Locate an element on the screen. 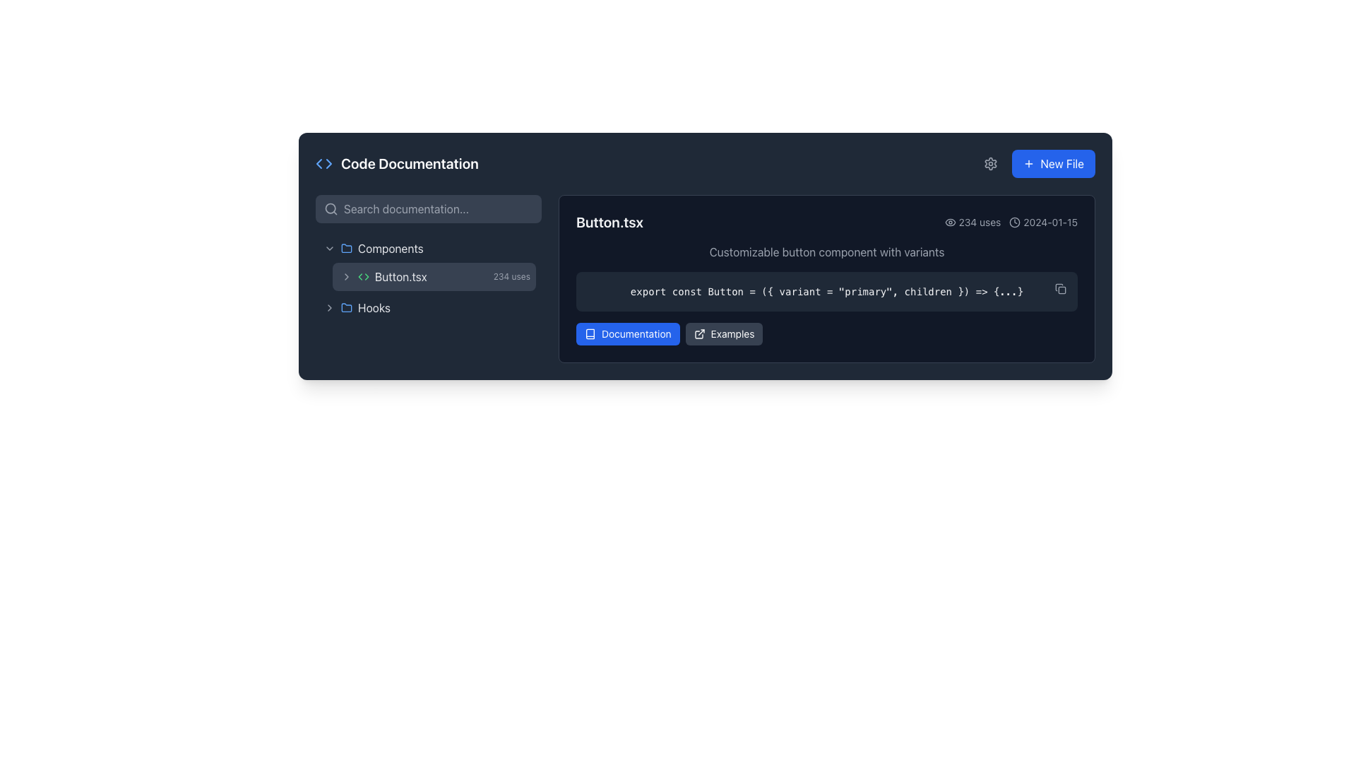 Image resolution: width=1356 pixels, height=763 pixels. the right-facing chevron icon button adjacent to the 'Hooks' text for keyboard accessibility is located at coordinates (328, 307).